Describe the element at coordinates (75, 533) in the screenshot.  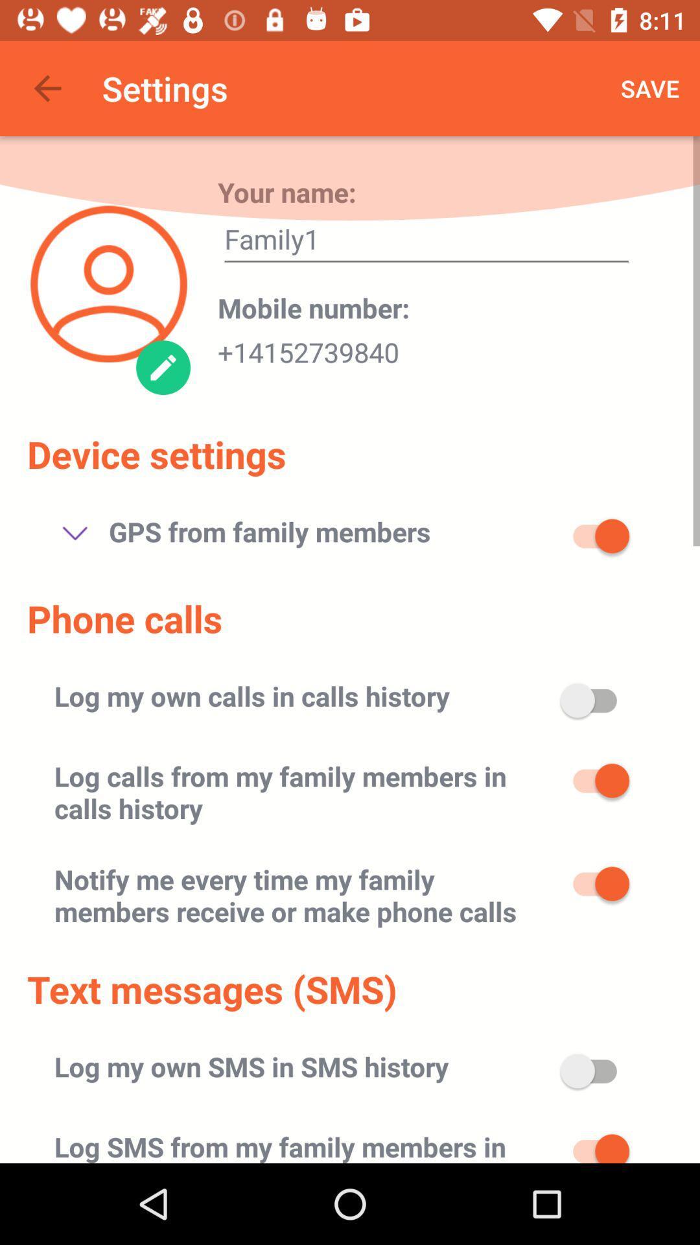
I see `the item above the phone calls` at that location.